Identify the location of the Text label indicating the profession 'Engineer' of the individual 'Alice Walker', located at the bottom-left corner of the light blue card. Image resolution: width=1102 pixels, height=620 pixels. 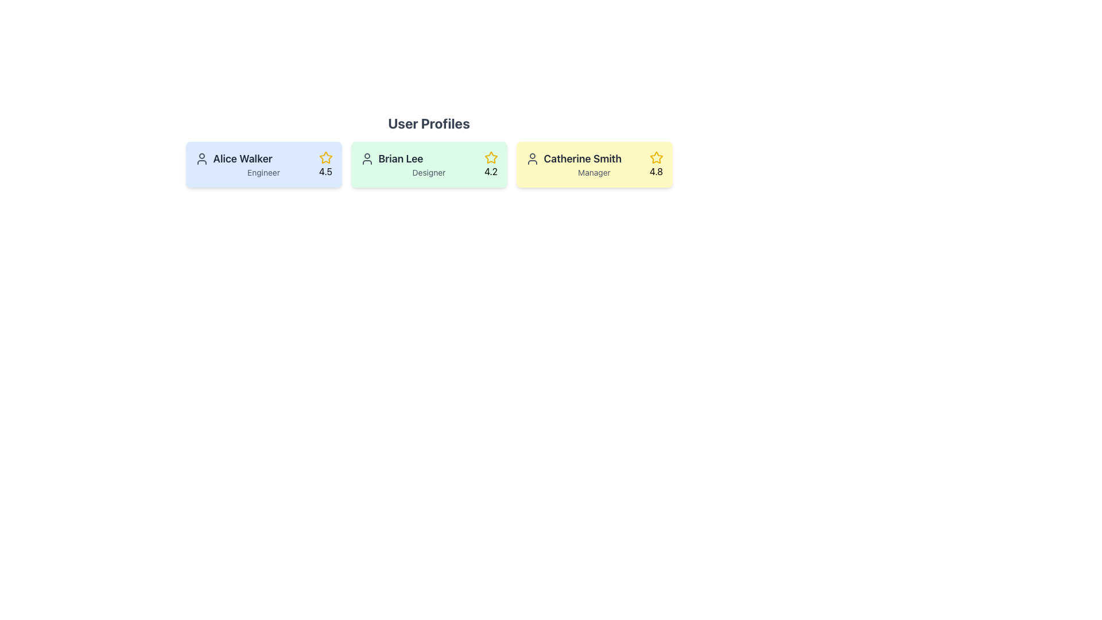
(263, 172).